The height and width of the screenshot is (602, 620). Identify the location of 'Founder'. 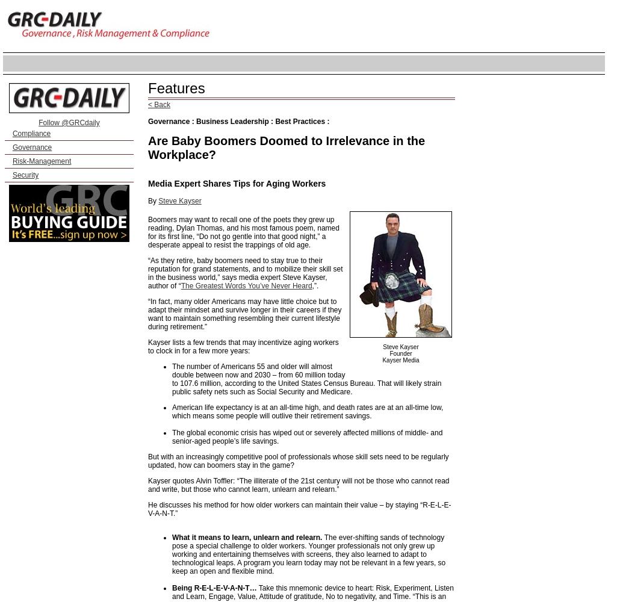
(389, 353).